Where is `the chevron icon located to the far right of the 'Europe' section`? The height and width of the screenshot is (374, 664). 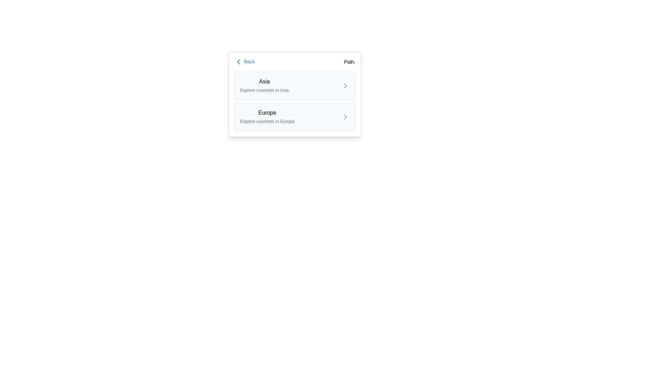
the chevron icon located to the far right of the 'Europe' section is located at coordinates (345, 117).